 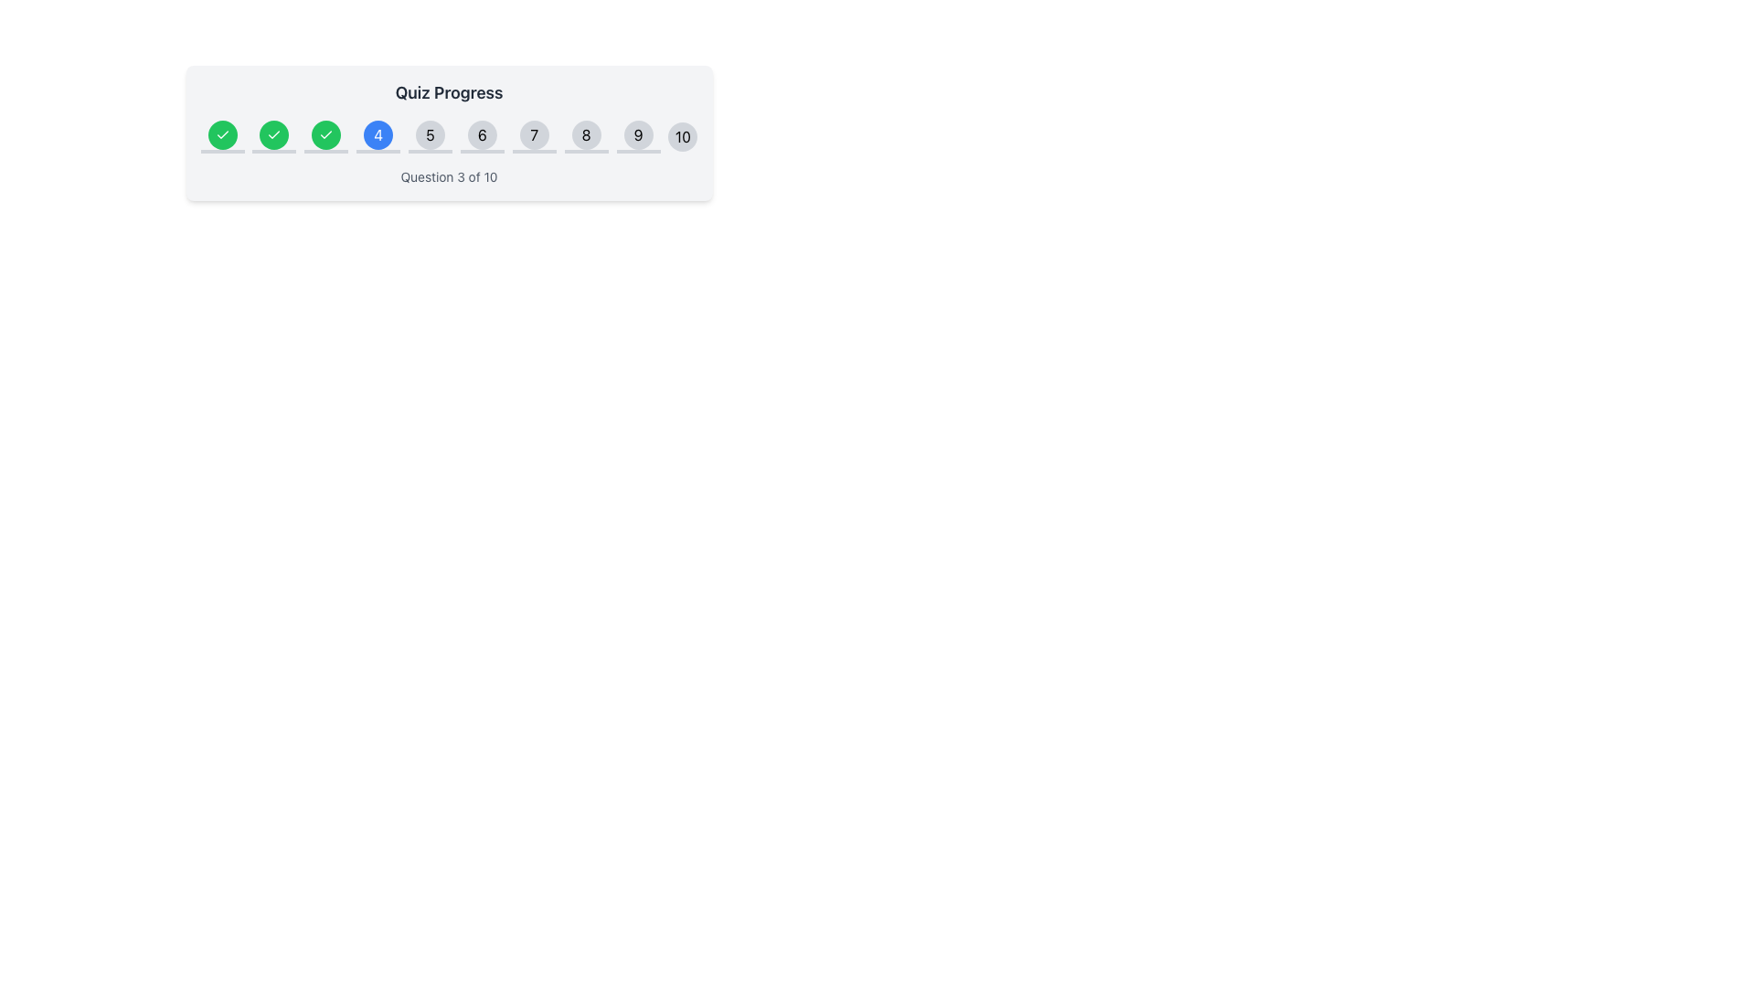 What do you see at coordinates (533, 133) in the screenshot?
I see `the circular button labeled '7', which is the seventh item in a row of buttons representing a progress bar` at bounding box center [533, 133].